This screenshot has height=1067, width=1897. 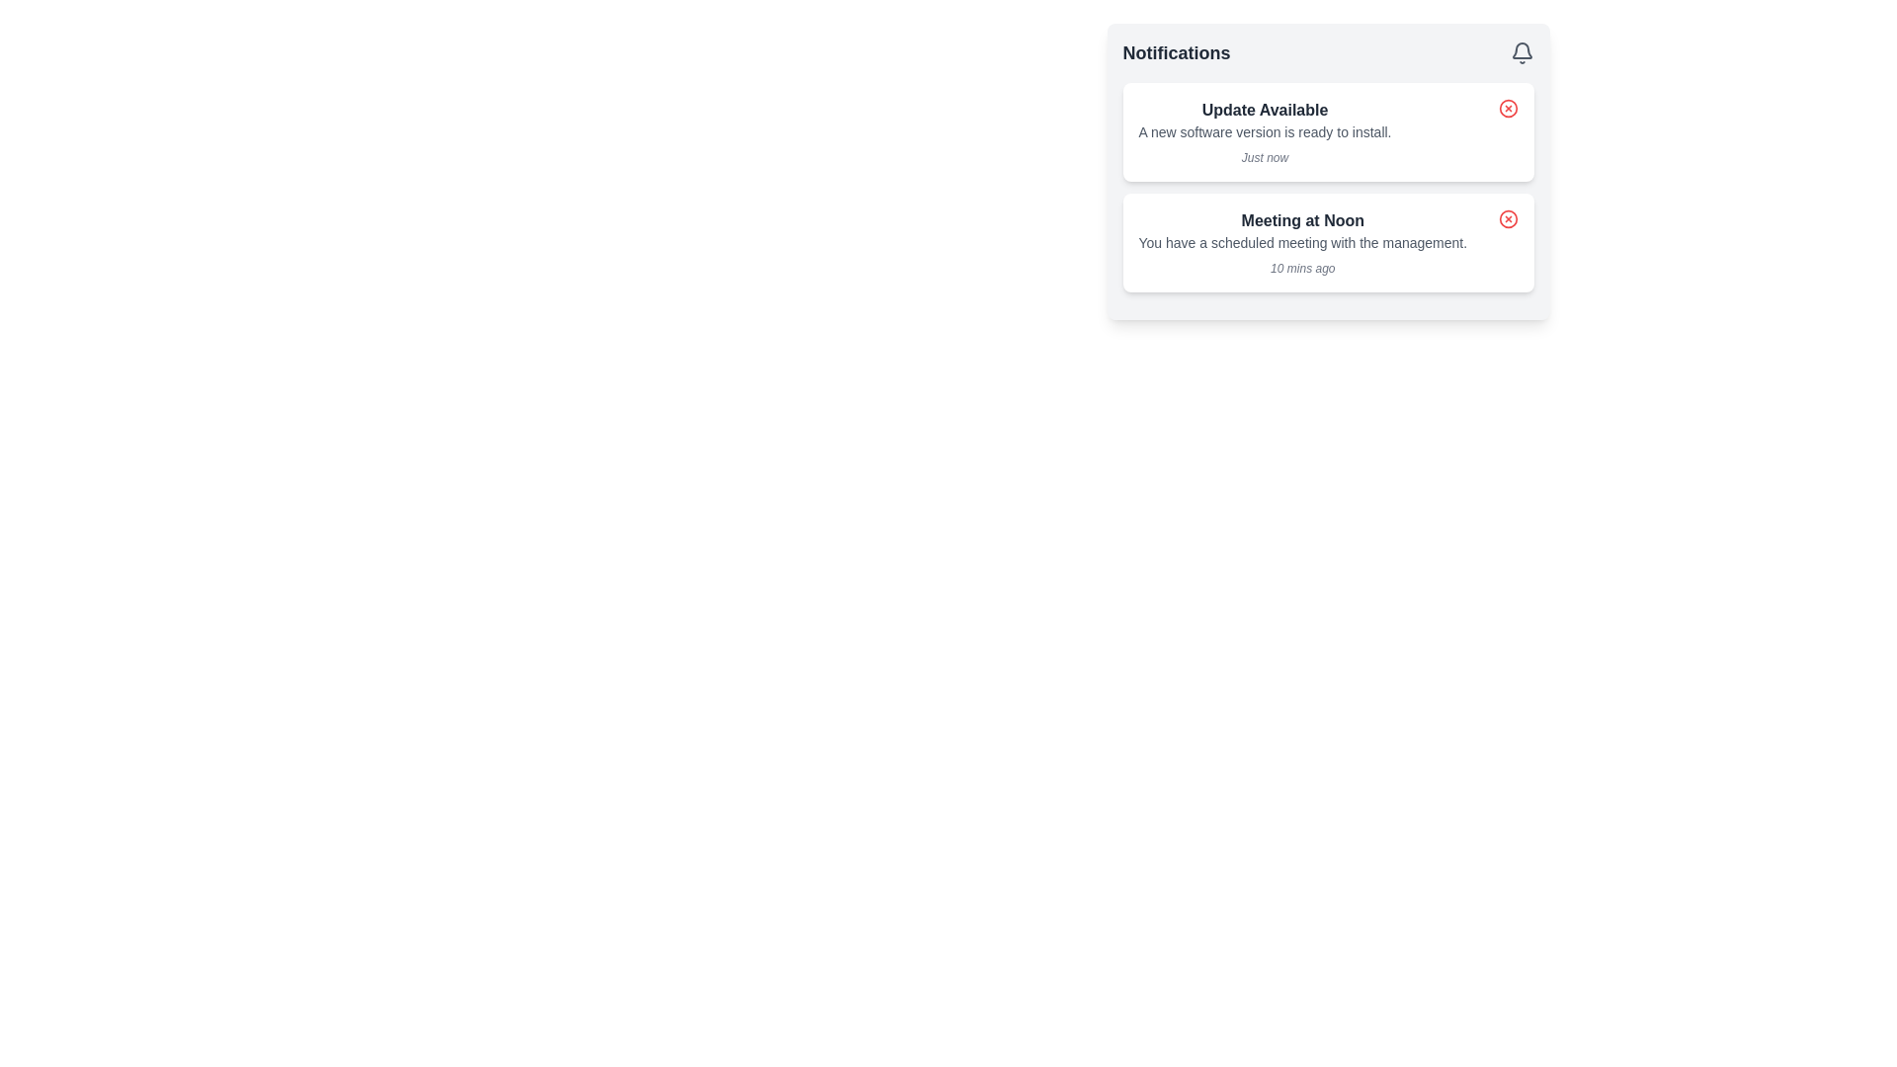 What do you see at coordinates (1521, 48) in the screenshot?
I see `the rounded bell icon representing notifications located in the top-right corner of the notifications panel` at bounding box center [1521, 48].